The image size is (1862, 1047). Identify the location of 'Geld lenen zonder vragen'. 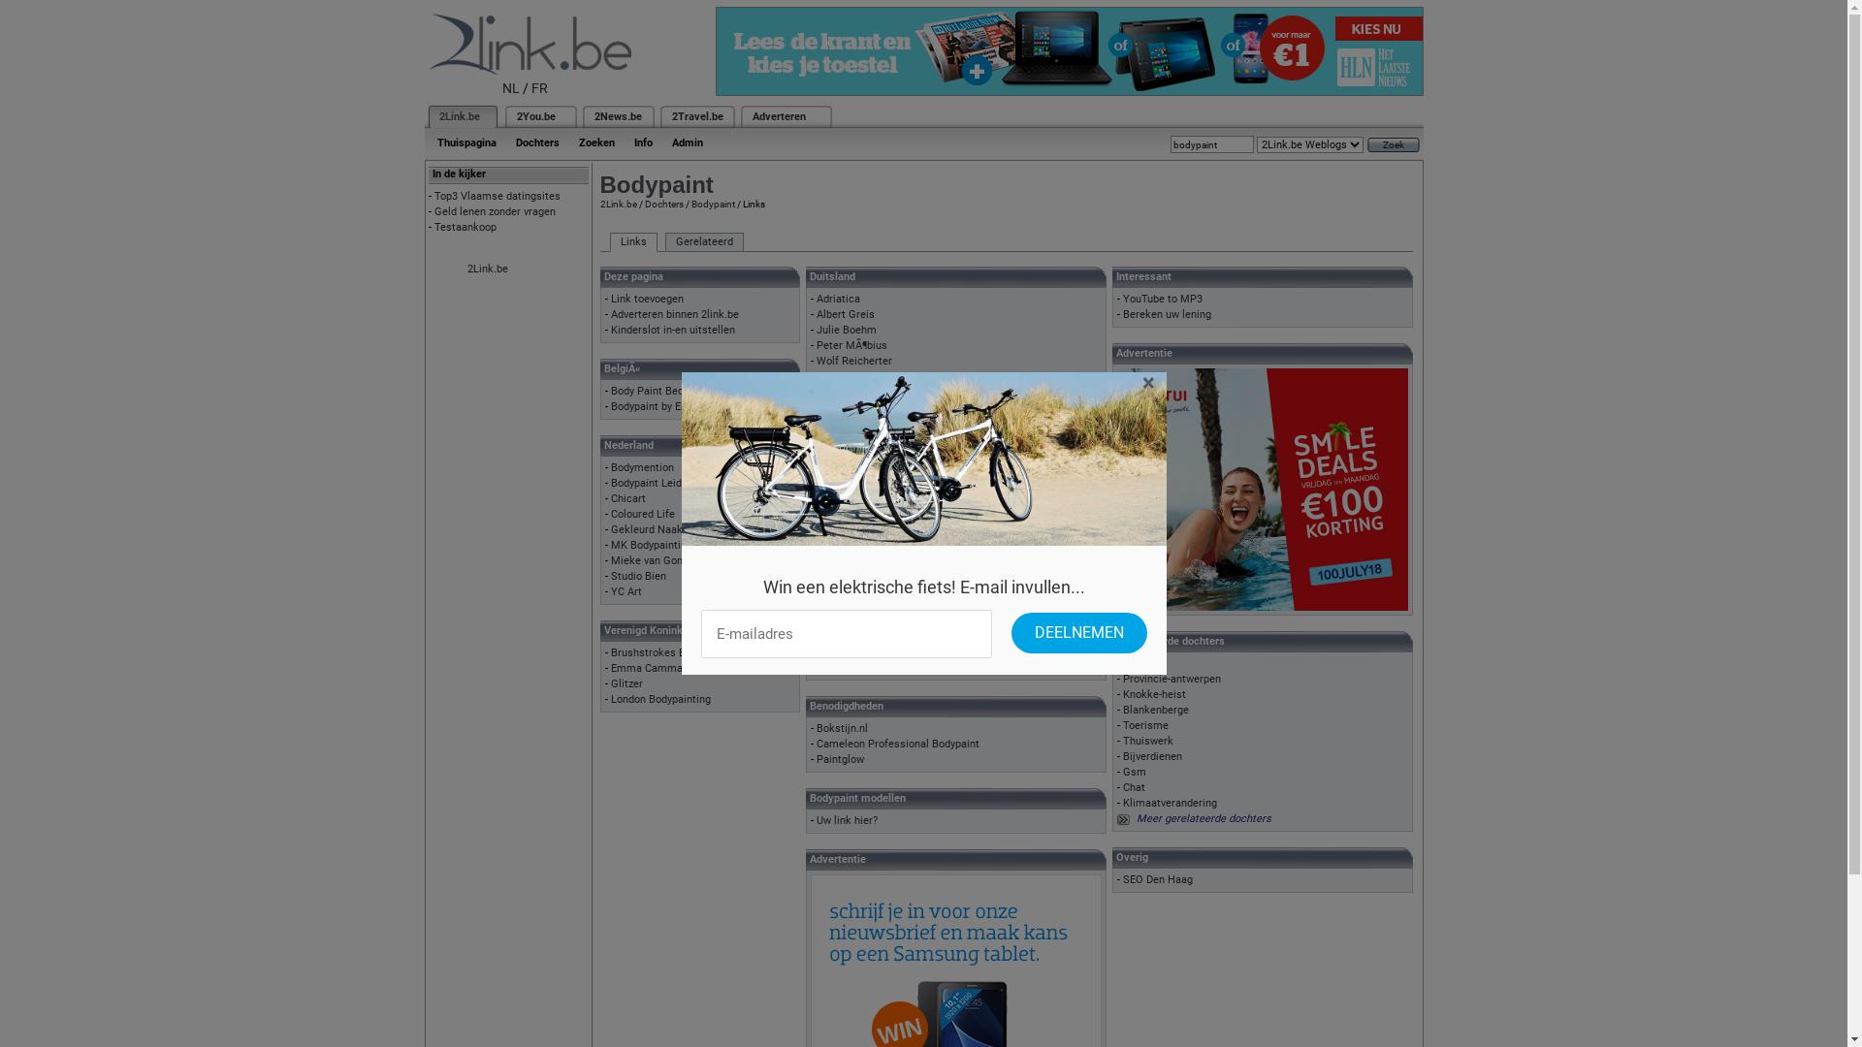
(433, 211).